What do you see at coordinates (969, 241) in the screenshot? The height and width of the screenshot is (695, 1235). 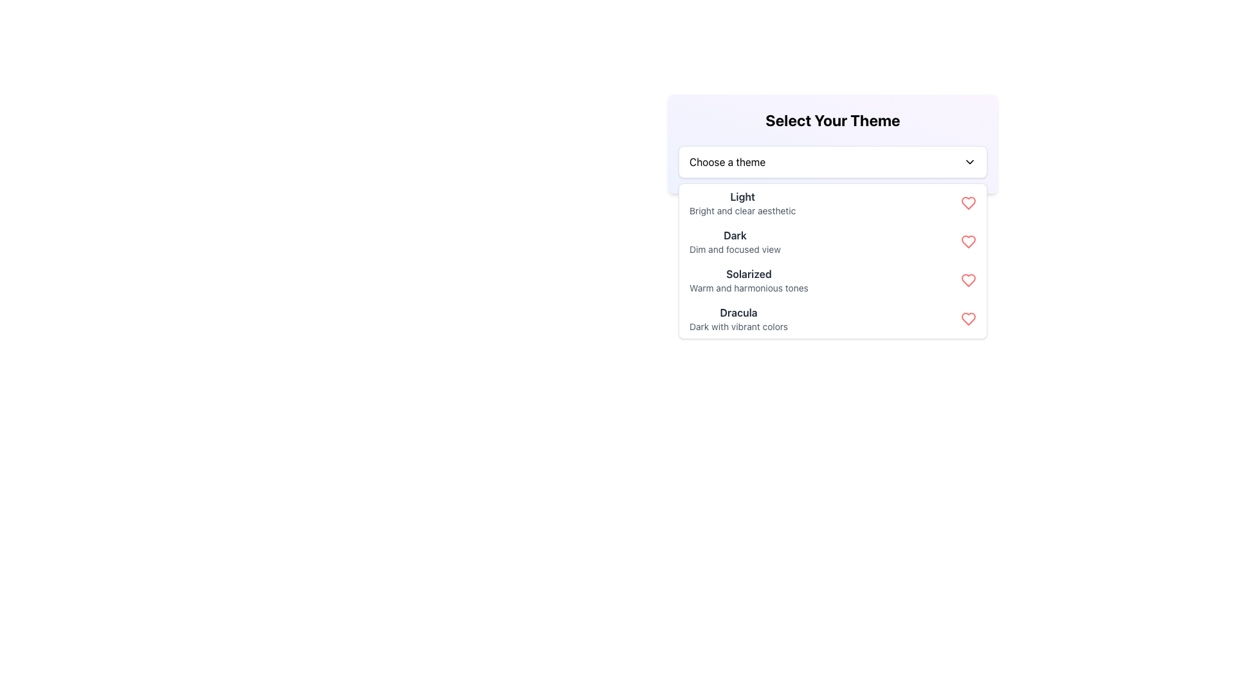 I see `the heart icon located to the right of the 'Dark' theme option in the dropdown menu to favorite the theme` at bounding box center [969, 241].